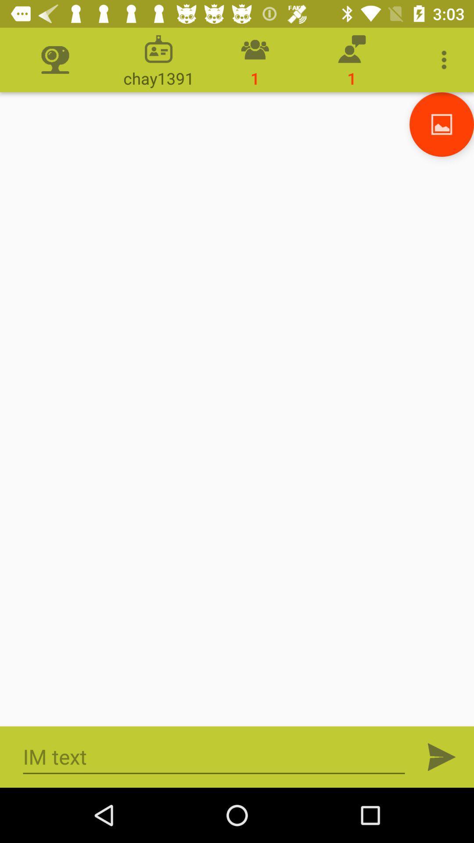  I want to click on the send icon, so click(442, 757).